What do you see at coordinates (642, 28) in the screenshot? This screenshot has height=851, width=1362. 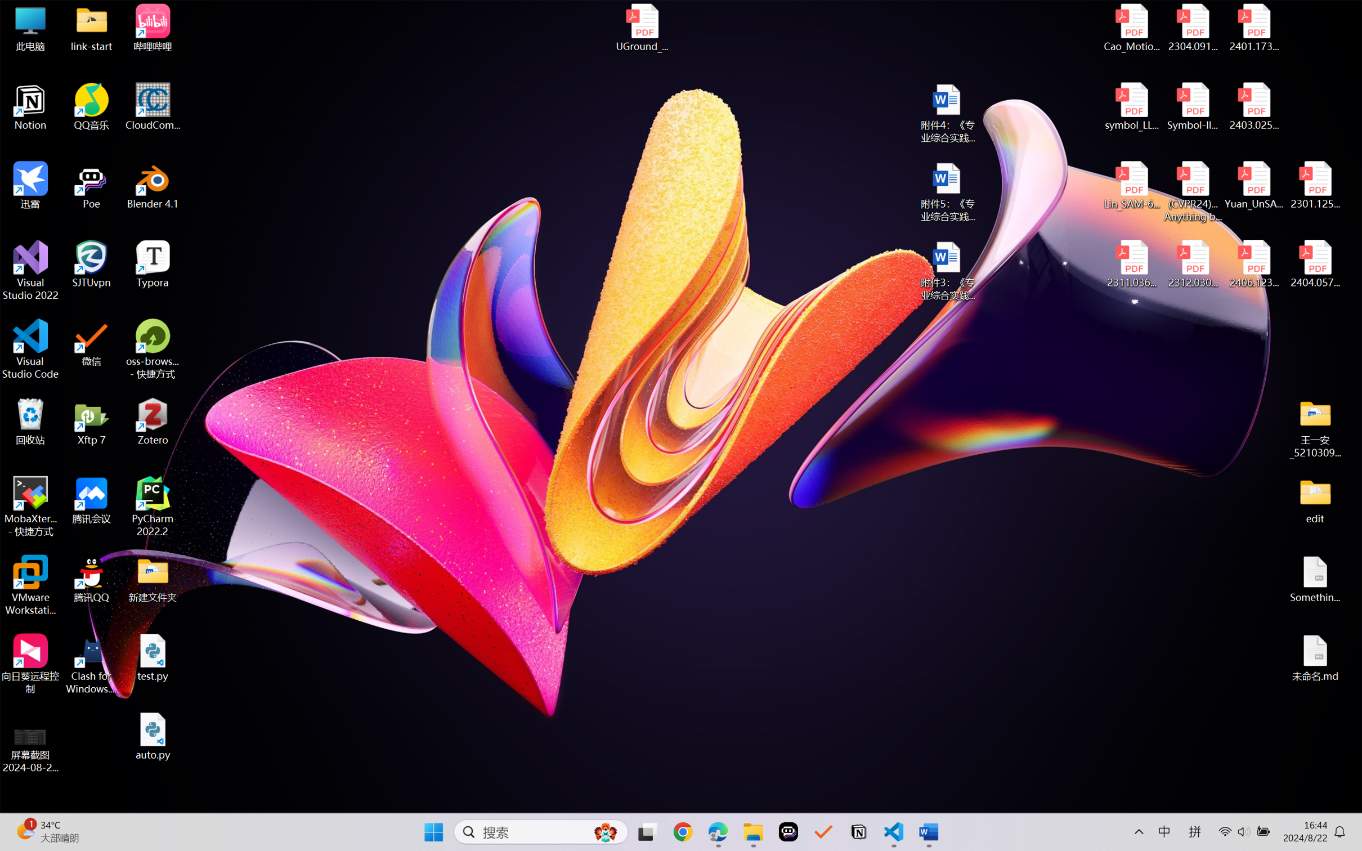 I see `'UGround_paper.pdf'` at bounding box center [642, 28].